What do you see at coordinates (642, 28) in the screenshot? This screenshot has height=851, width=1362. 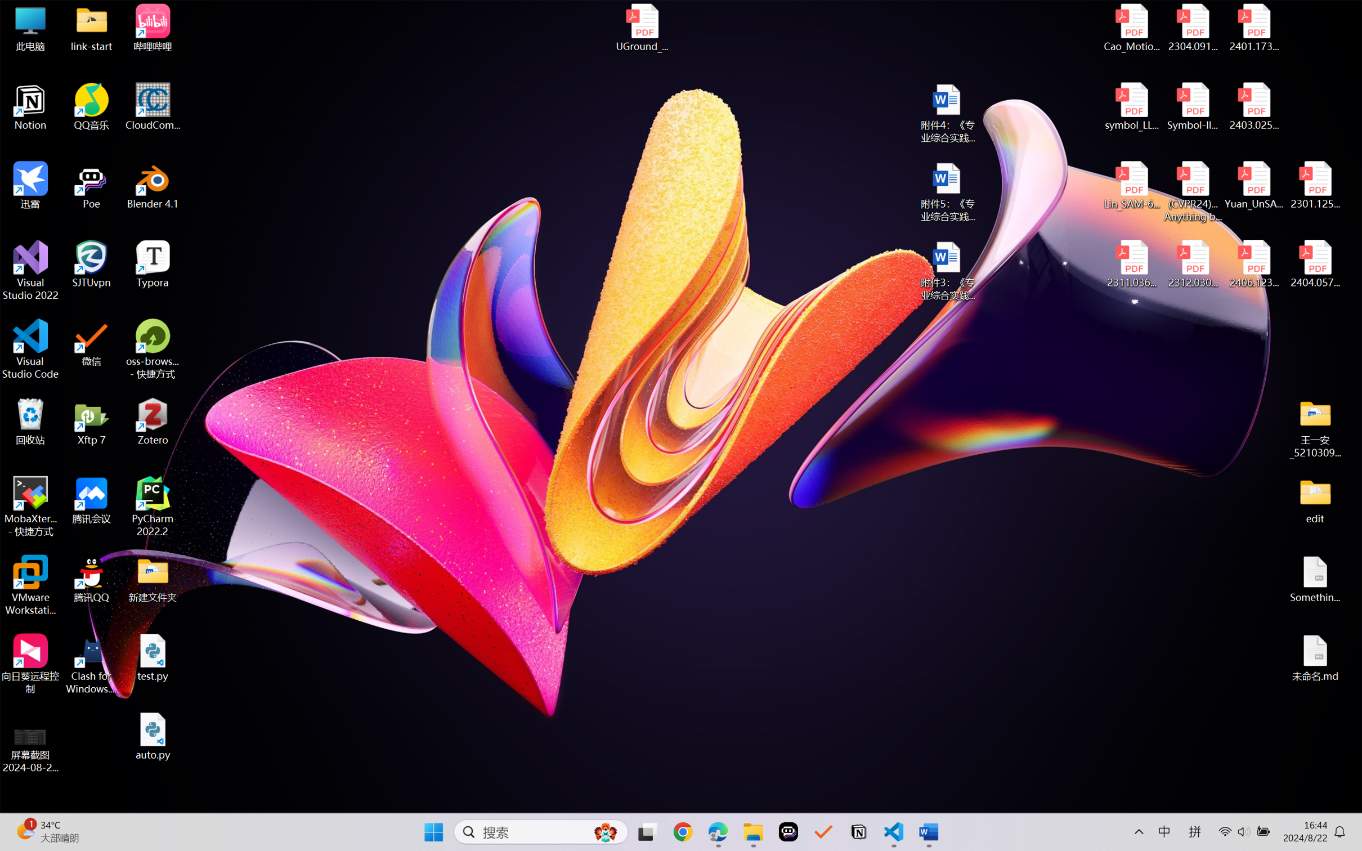 I see `'UGround_paper.pdf'` at bounding box center [642, 28].